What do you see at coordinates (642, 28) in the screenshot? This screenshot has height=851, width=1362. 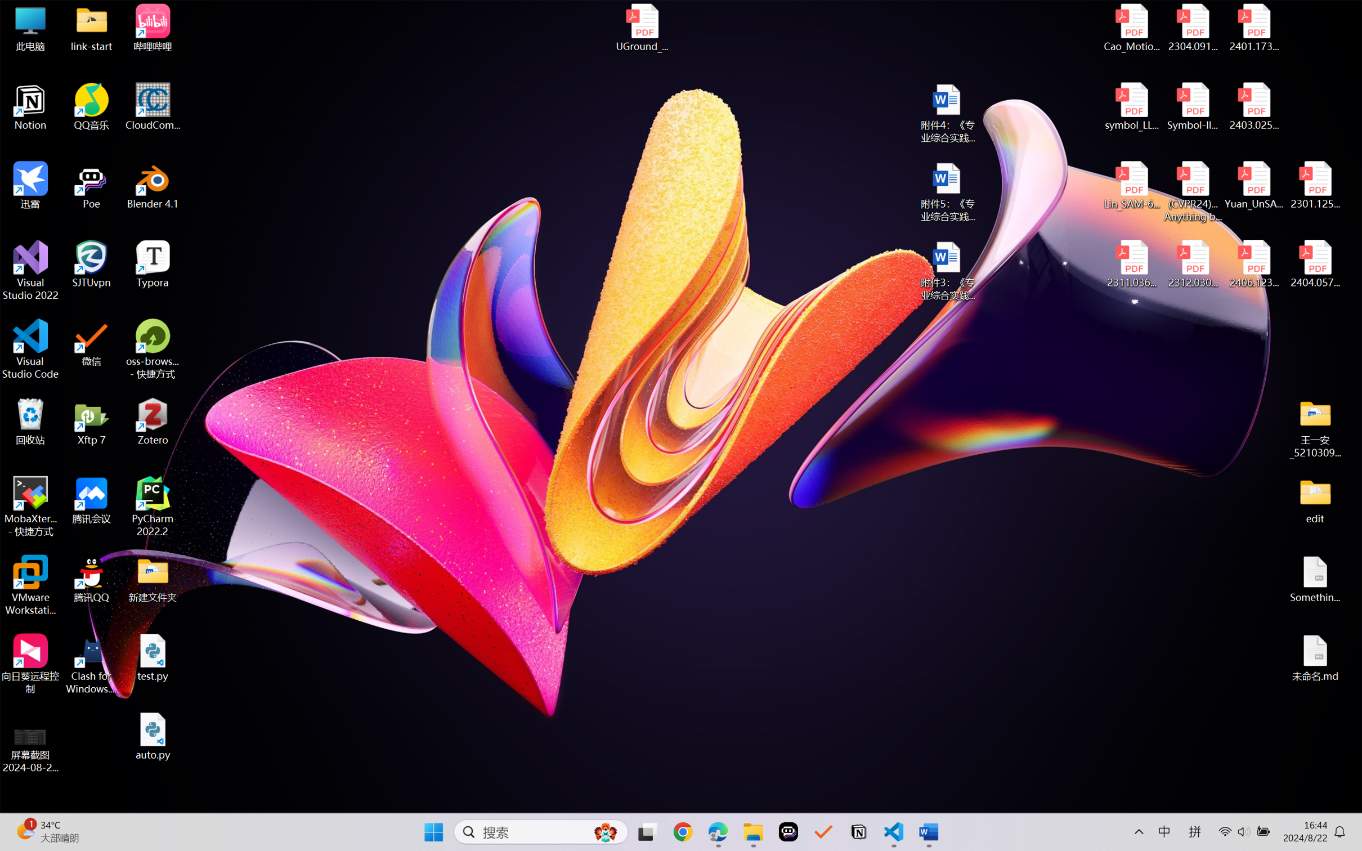 I see `'UGround_paper.pdf'` at bounding box center [642, 28].